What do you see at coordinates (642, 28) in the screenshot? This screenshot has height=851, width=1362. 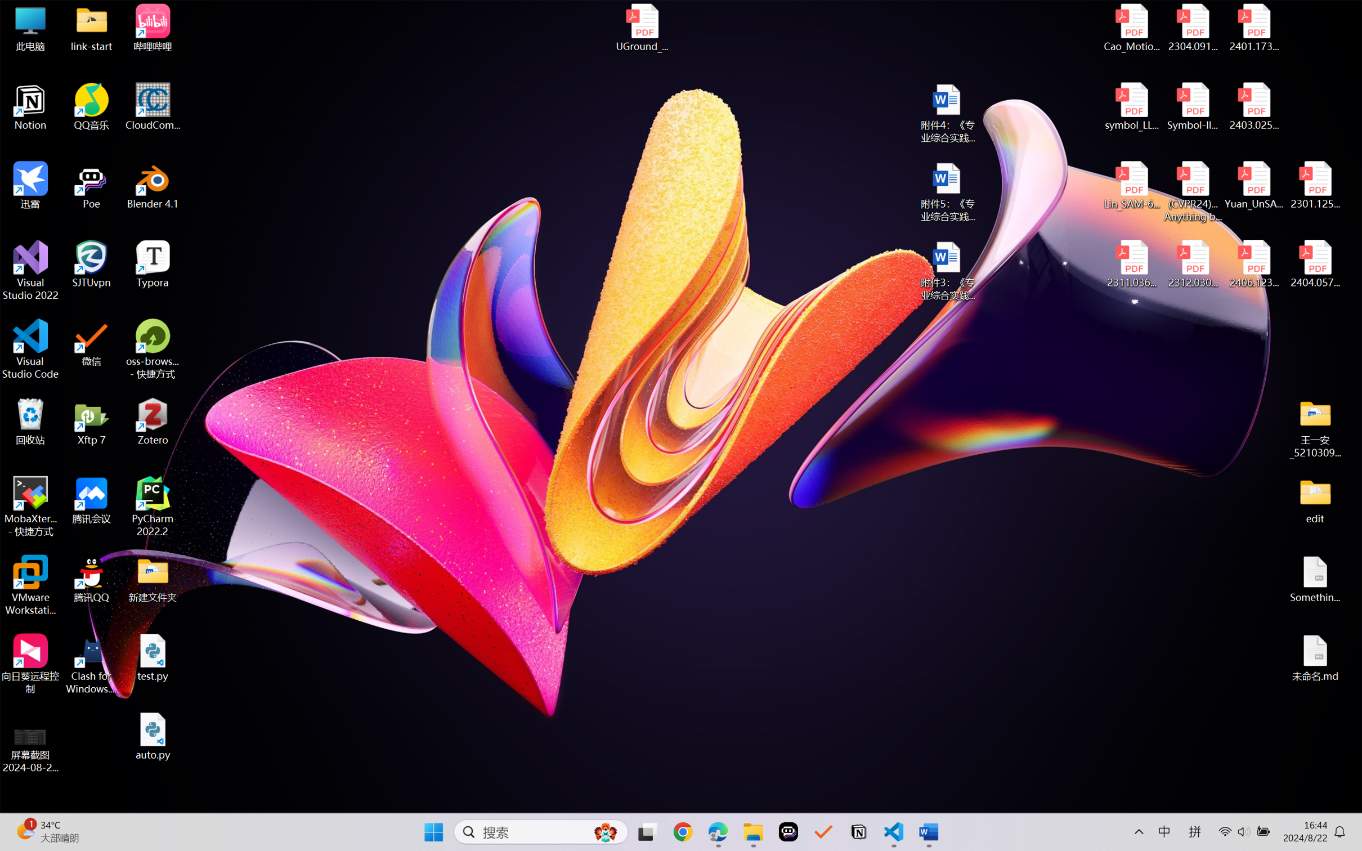 I see `'UGround_paper.pdf'` at bounding box center [642, 28].